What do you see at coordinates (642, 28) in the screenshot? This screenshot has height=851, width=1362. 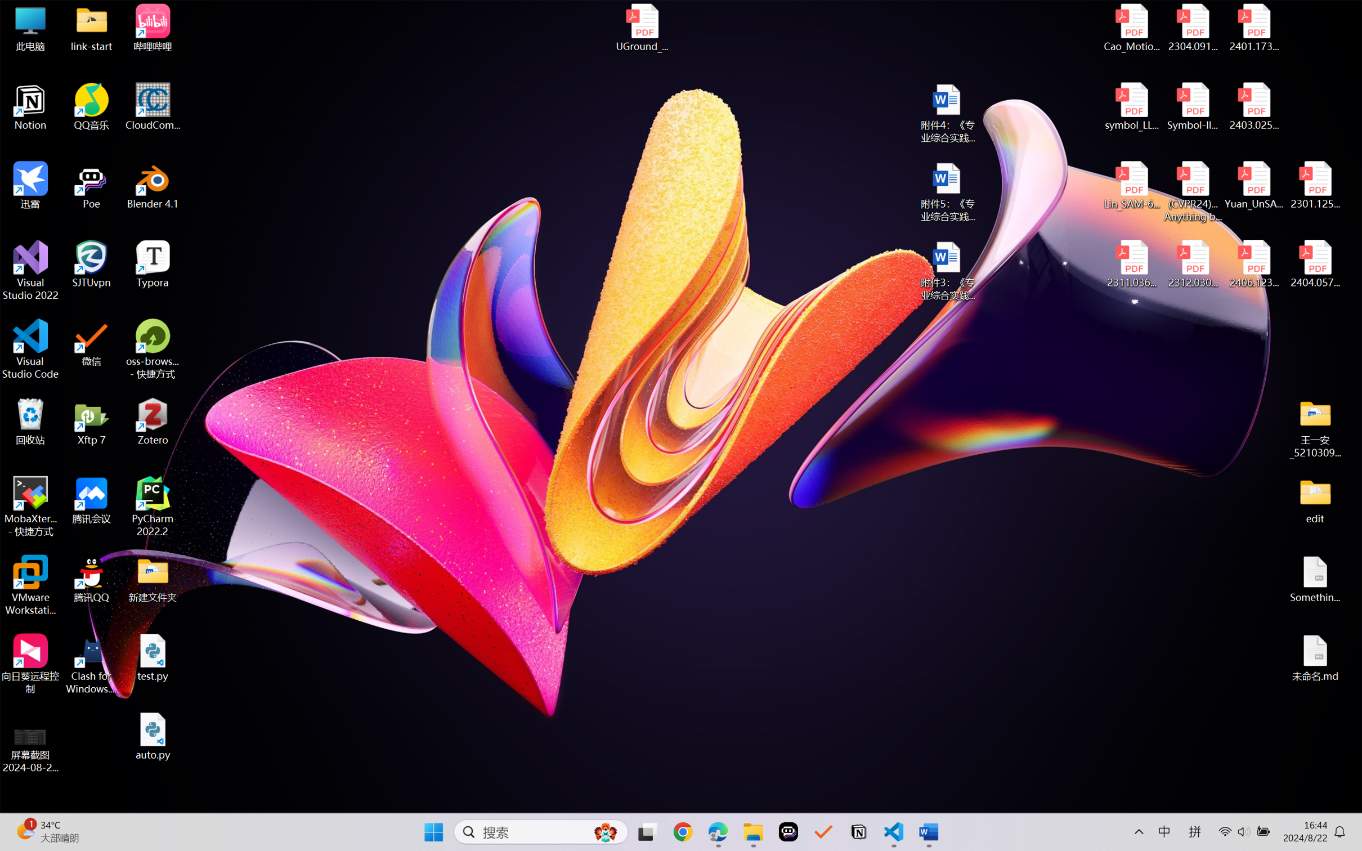 I see `'UGround_paper.pdf'` at bounding box center [642, 28].